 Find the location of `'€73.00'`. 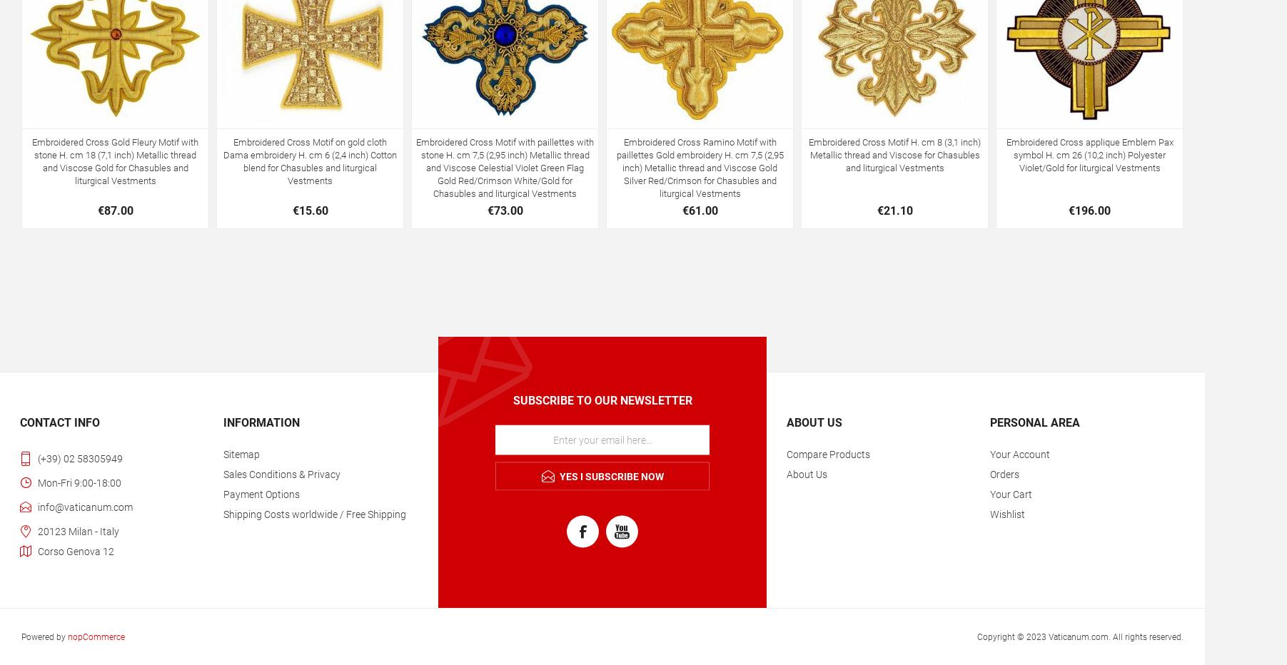

'€73.00' is located at coordinates (486, 210).